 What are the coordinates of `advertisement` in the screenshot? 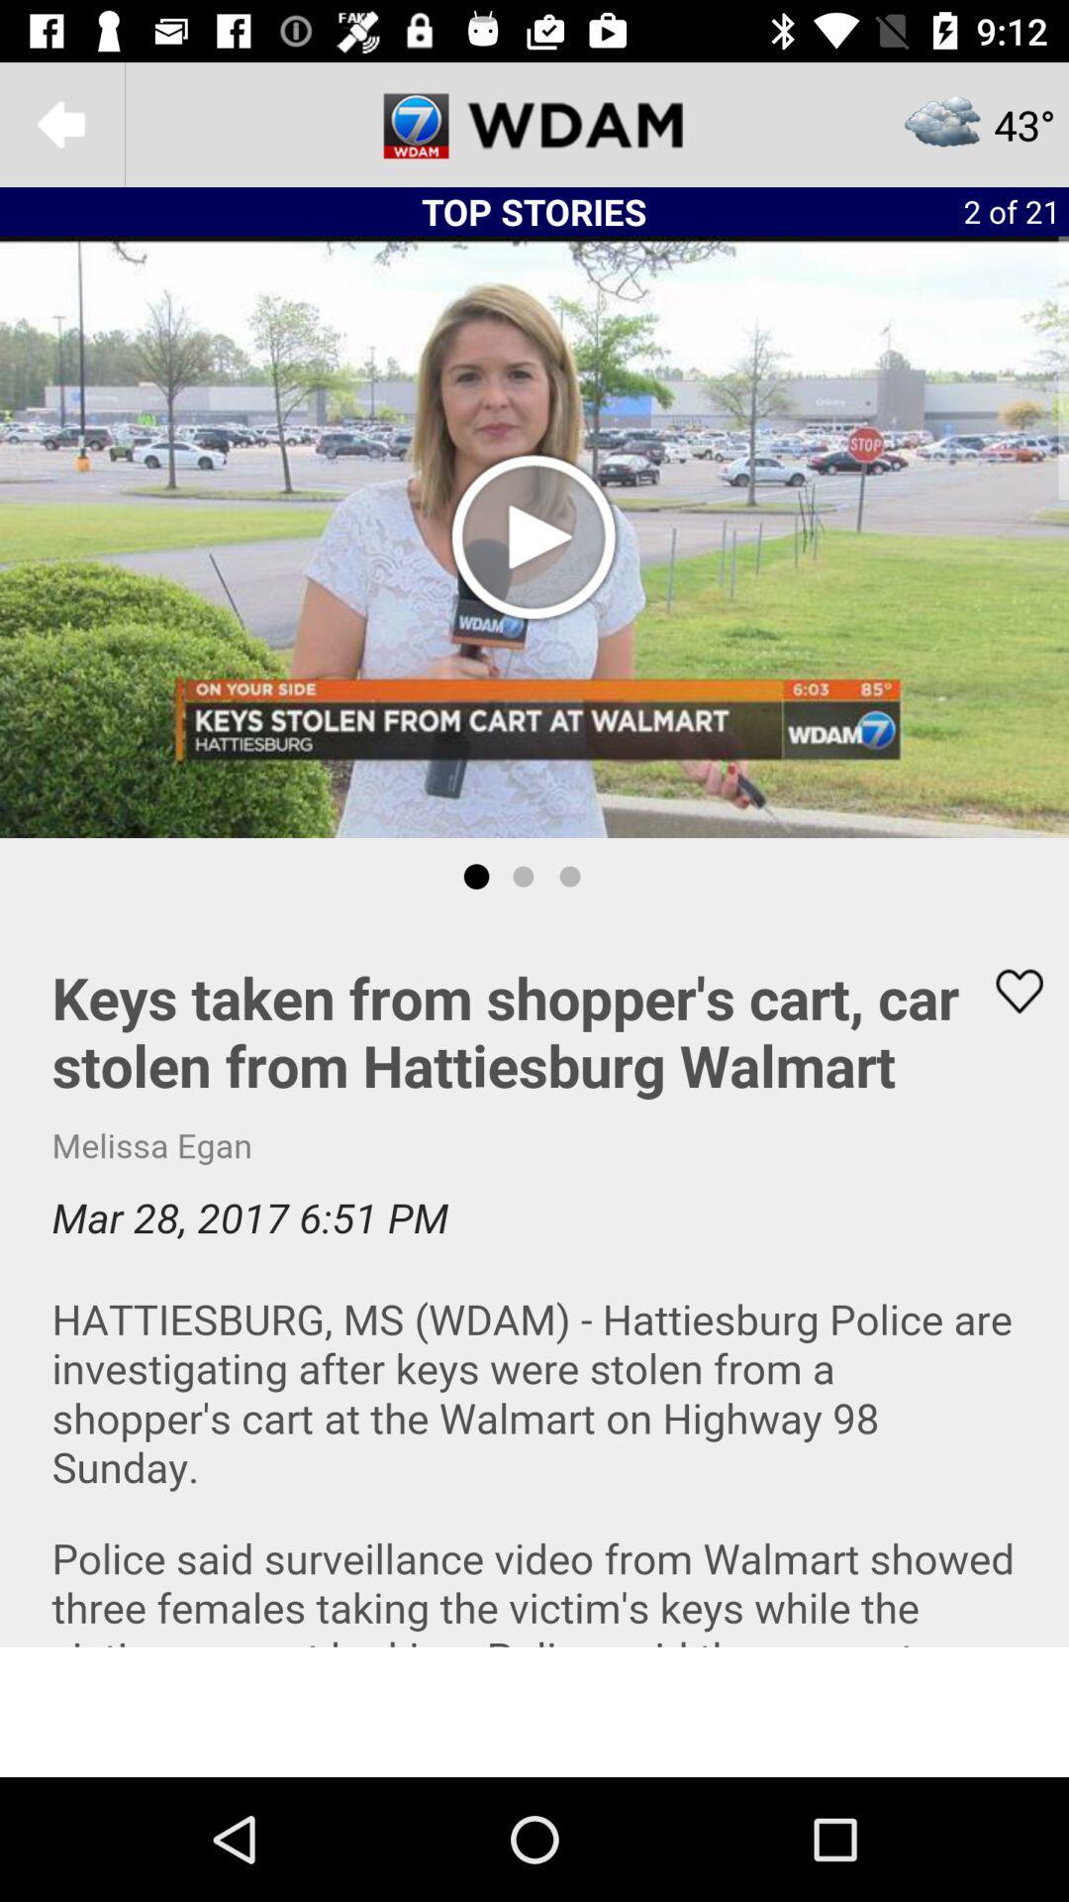 It's located at (534, 1711).